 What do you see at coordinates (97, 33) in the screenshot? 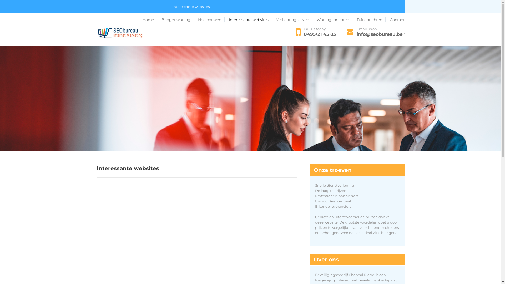
I see `'Contact'` at bounding box center [97, 33].